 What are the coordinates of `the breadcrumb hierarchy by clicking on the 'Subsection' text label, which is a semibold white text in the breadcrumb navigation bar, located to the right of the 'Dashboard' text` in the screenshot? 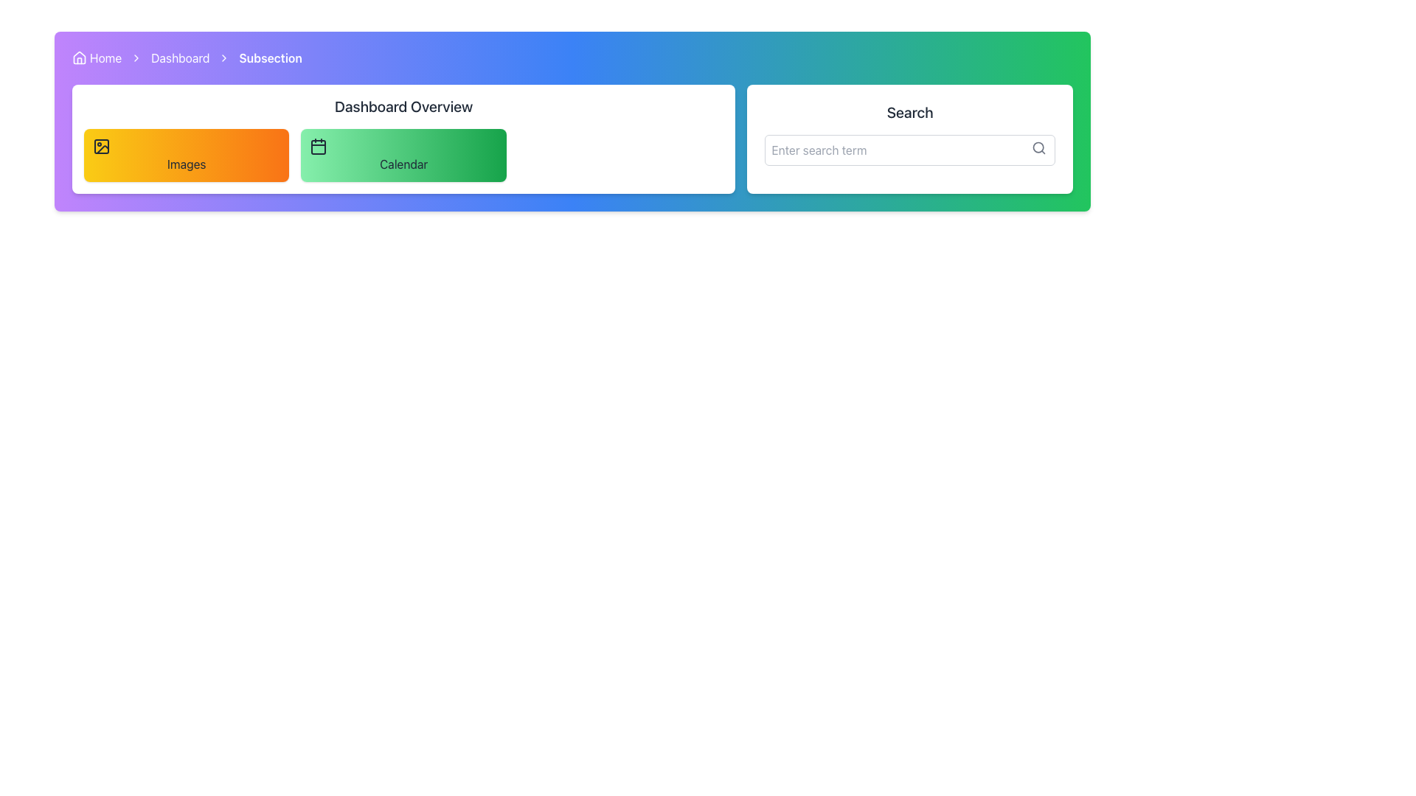 It's located at (271, 57).